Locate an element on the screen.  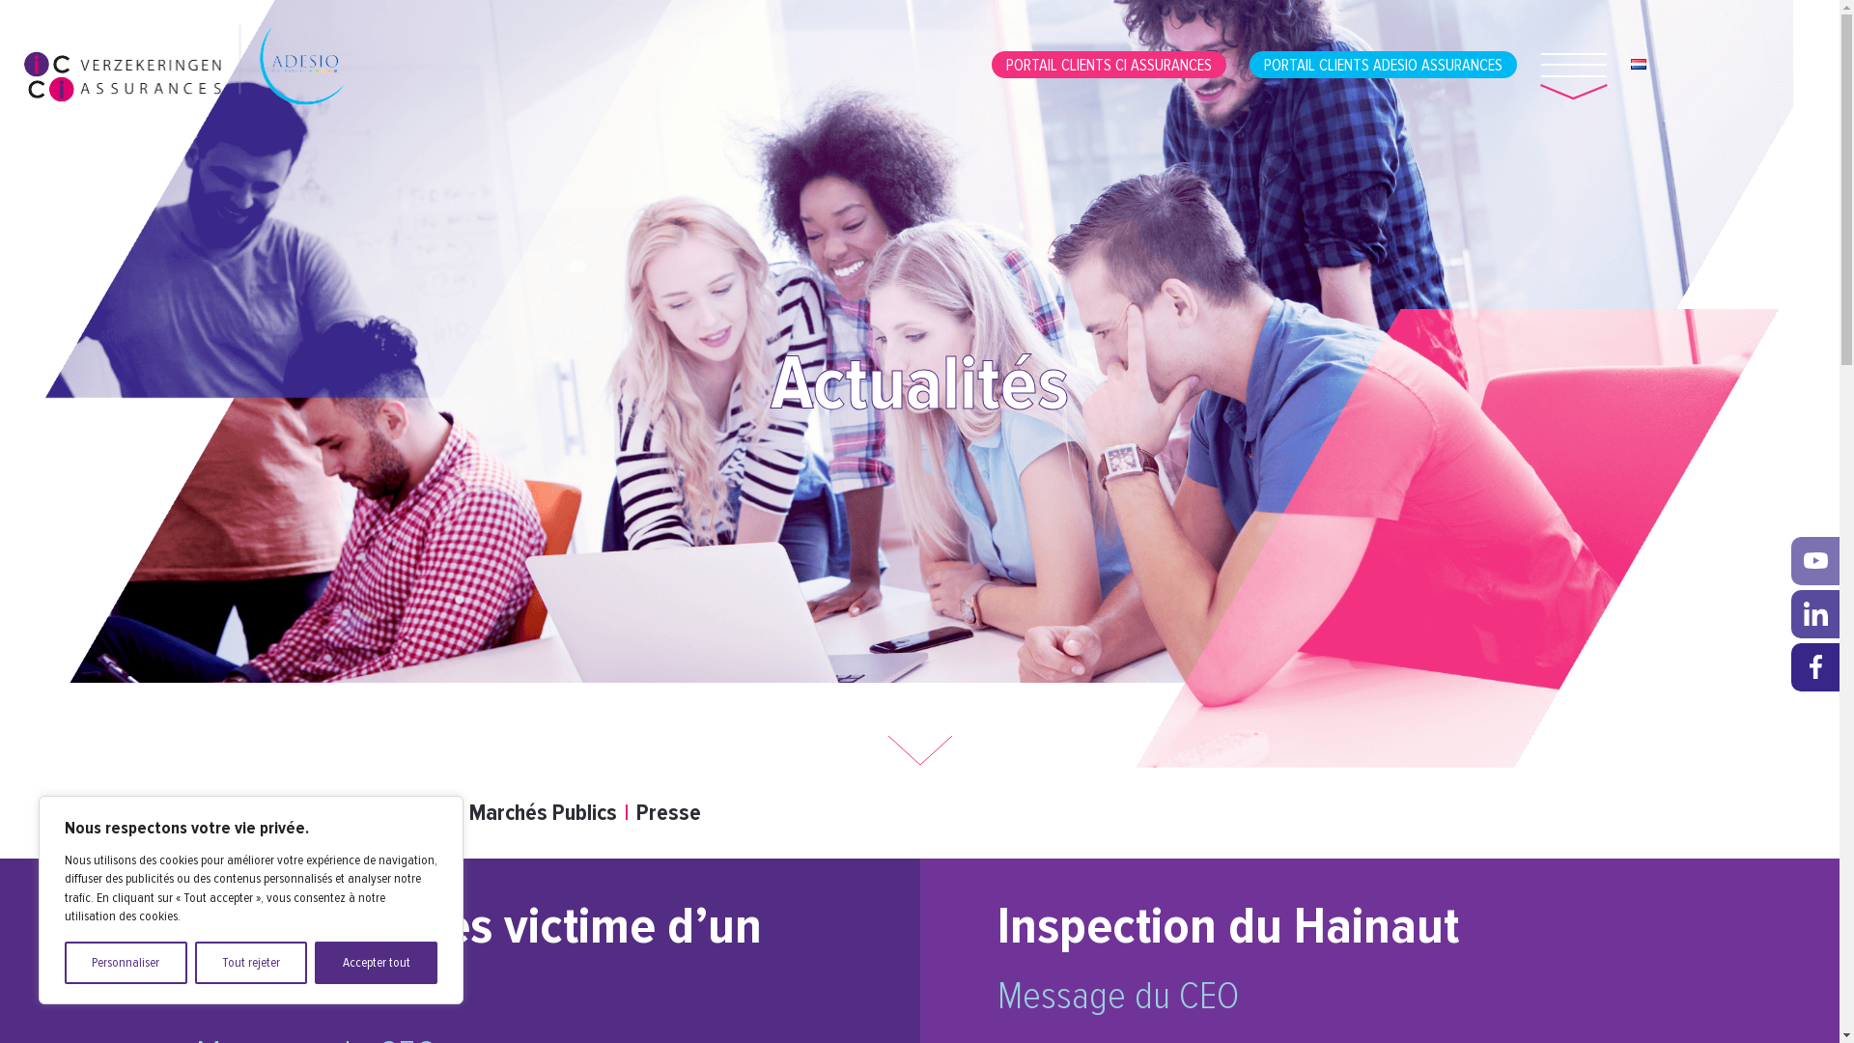
'PORTAIL CLIENTS ADESIO ASSURANCES' is located at coordinates (1382, 64).